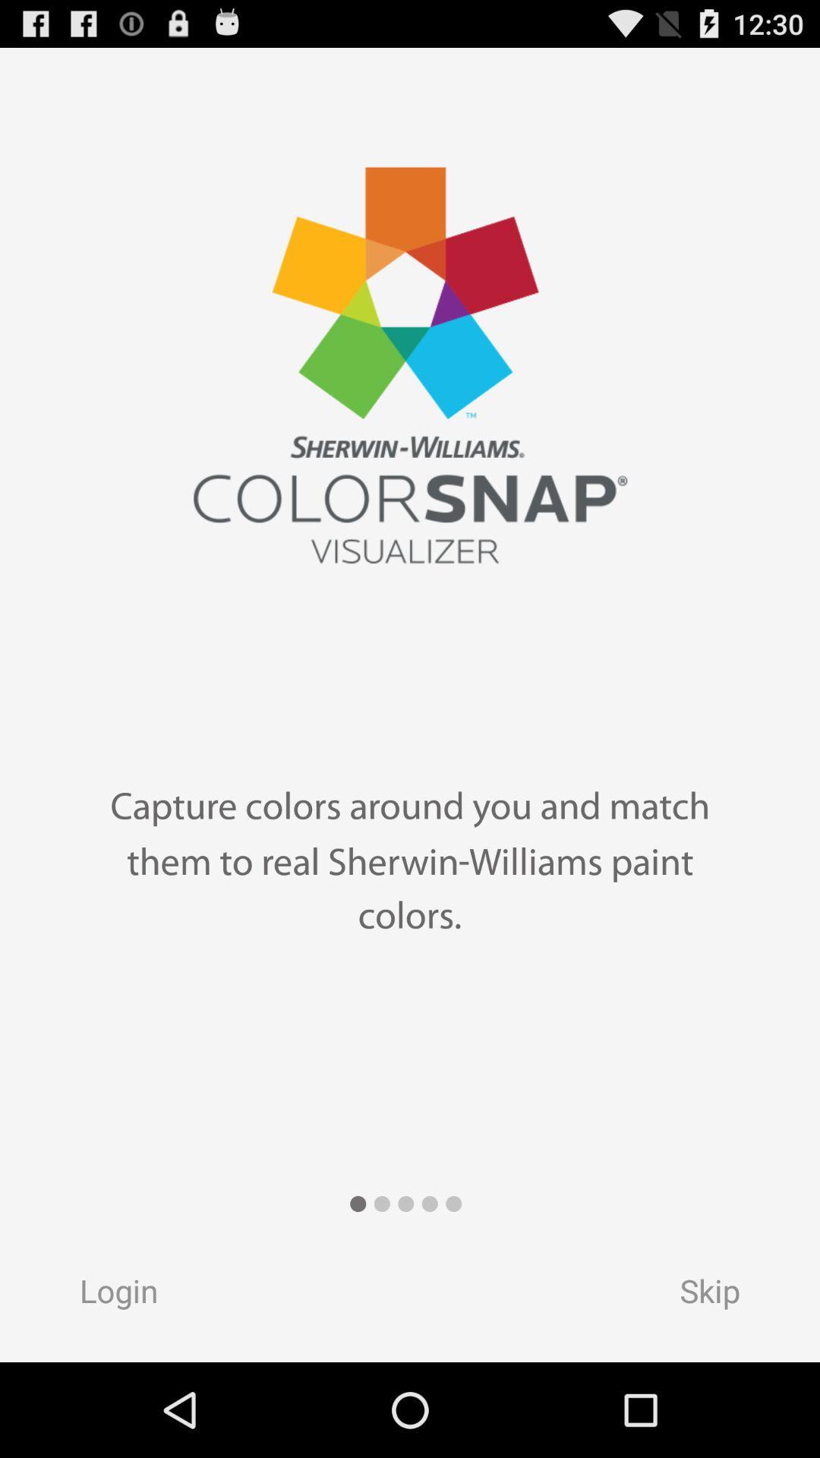 This screenshot has height=1458, width=820. I want to click on the icon to the left of skip item, so click(103, 1295).